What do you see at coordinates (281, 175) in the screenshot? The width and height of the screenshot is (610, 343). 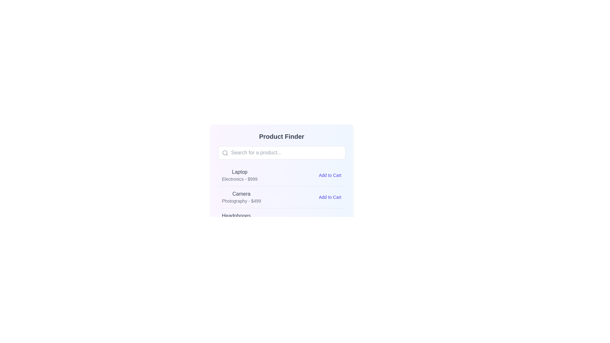 I see `the first product listing item for 'Laptop' in the 'Product Finder' section` at bounding box center [281, 175].